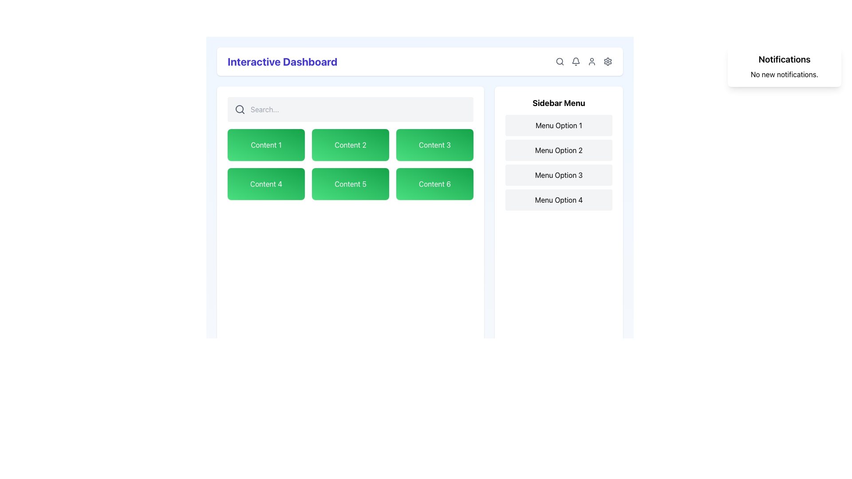  What do you see at coordinates (350, 164) in the screenshot?
I see `the UI card grid component that organizes and displays content items, located in the center of the content area below the search bar` at bounding box center [350, 164].